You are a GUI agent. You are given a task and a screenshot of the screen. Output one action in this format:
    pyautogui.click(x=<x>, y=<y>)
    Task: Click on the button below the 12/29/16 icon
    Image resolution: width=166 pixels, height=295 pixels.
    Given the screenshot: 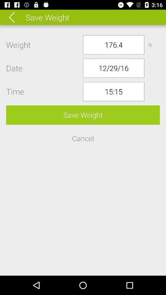 What is the action you would take?
    pyautogui.click(x=113, y=91)
    